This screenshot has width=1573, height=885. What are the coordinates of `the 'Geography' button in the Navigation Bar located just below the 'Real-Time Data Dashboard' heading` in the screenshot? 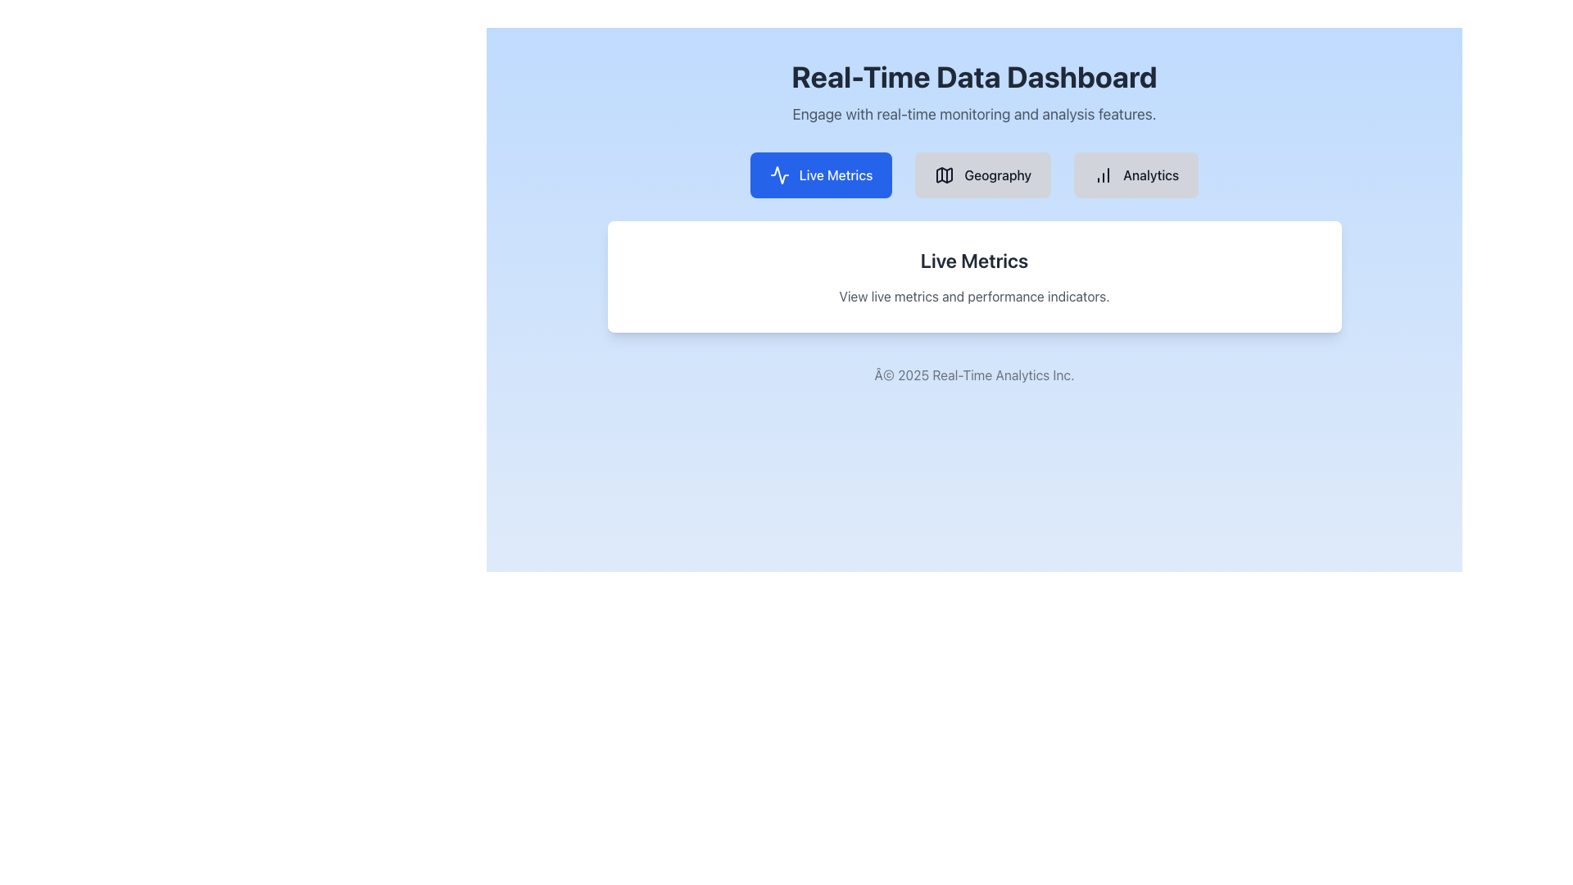 It's located at (974, 175).